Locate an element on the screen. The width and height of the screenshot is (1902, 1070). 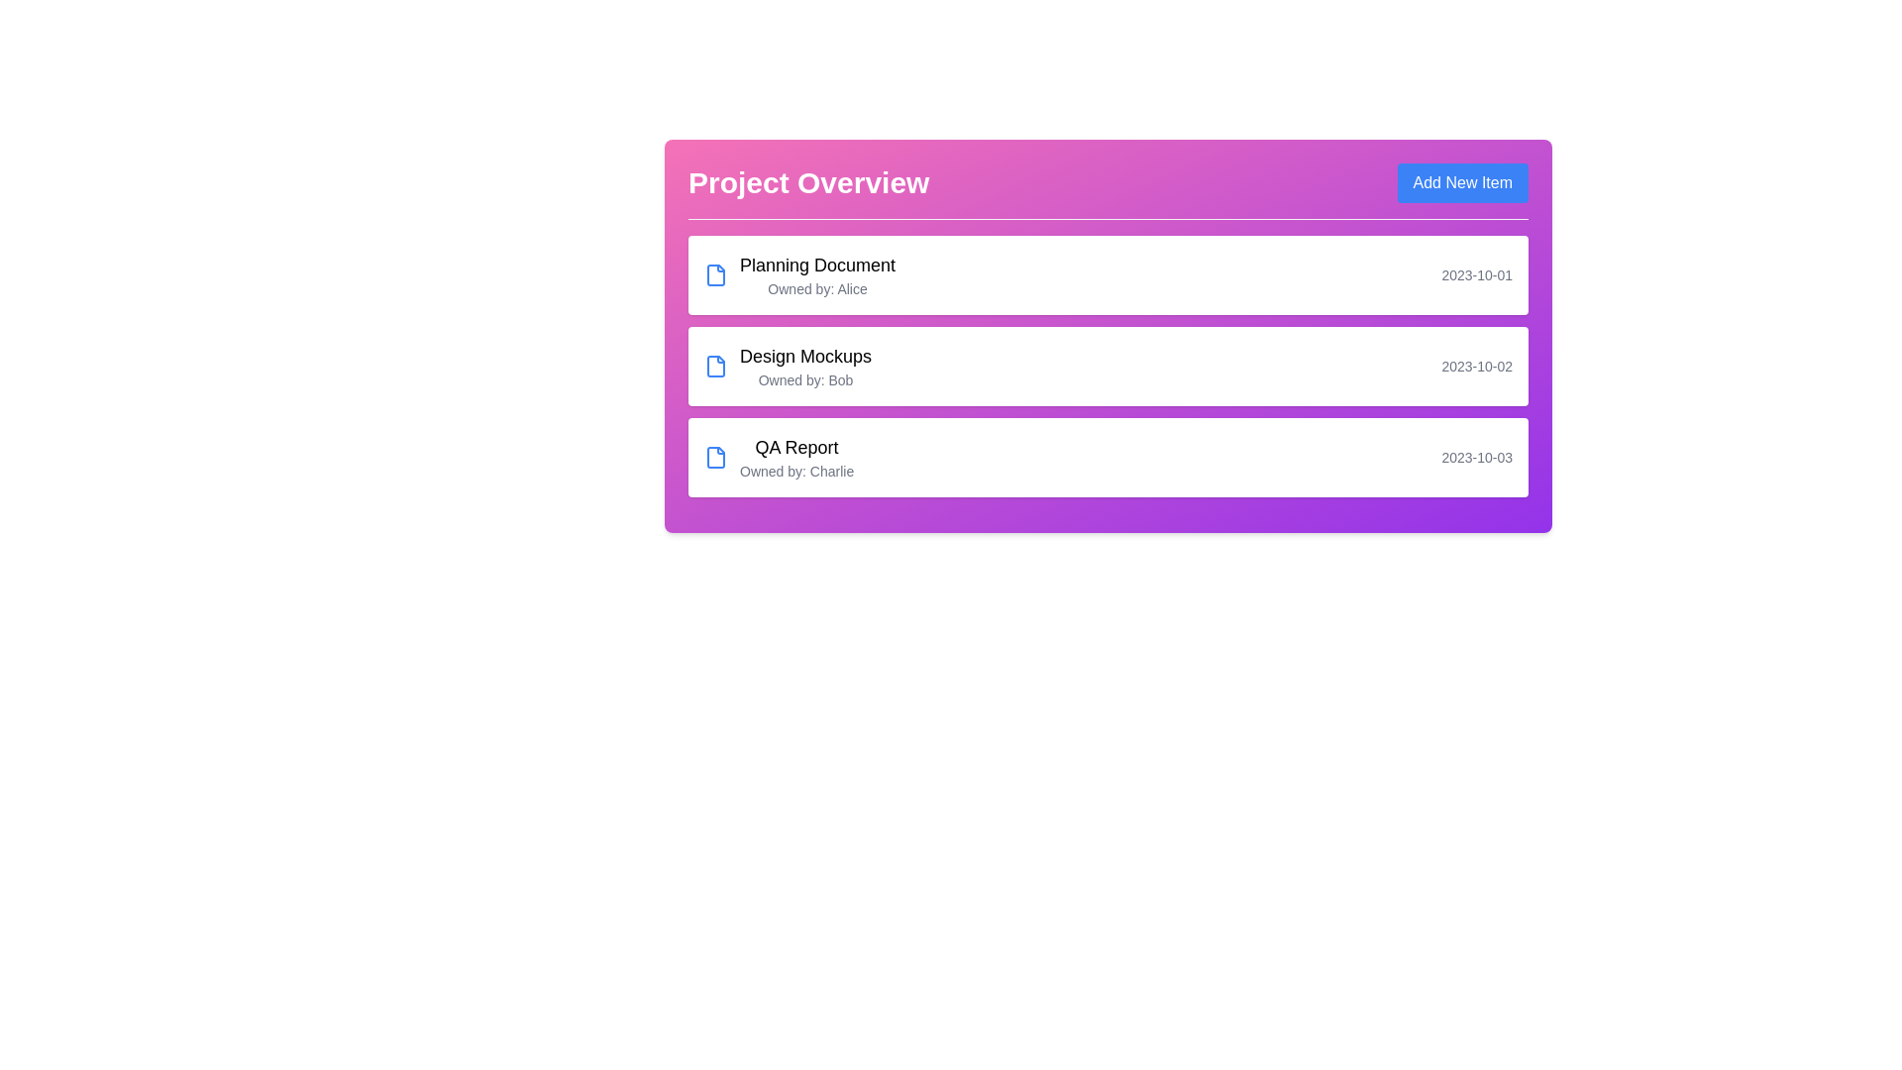
the static text label containing 'Owned by: Alice', which is located below the bold heading 'Planning Document' in the top-left card of the interface is located at coordinates (817, 289).